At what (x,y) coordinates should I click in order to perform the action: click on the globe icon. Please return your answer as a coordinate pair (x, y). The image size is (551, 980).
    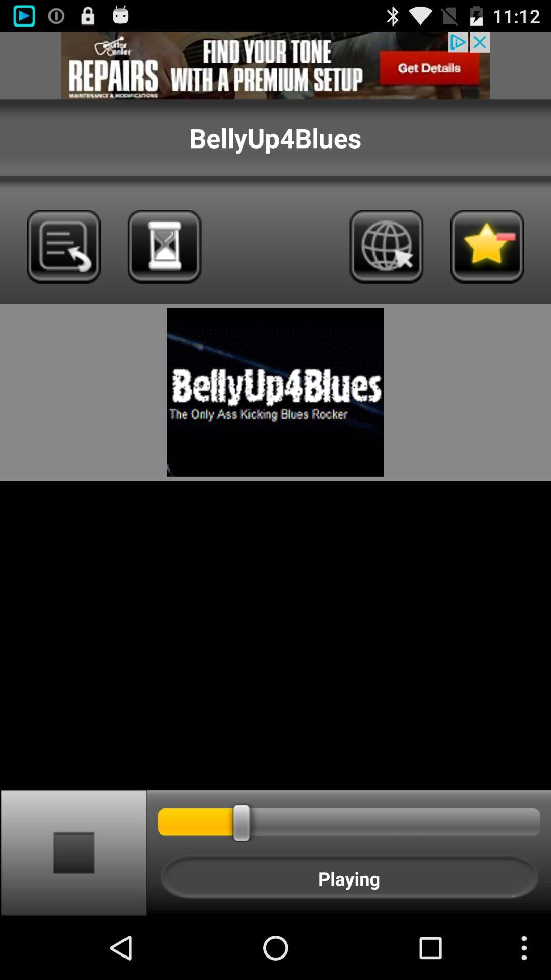
    Looking at the image, I should click on (386, 264).